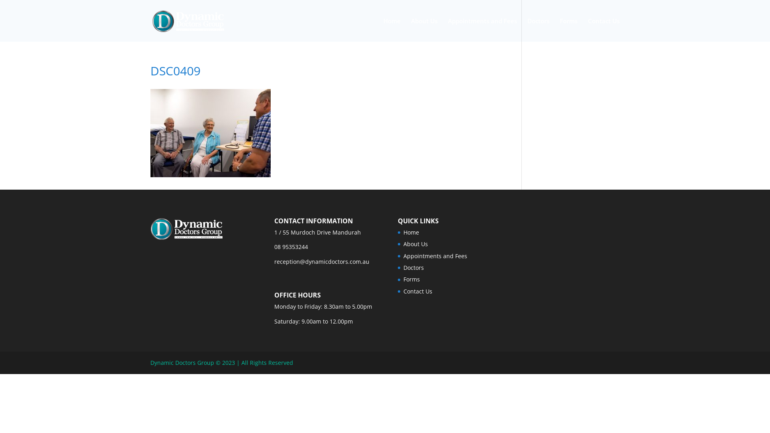  Describe the element at coordinates (482, 29) in the screenshot. I see `'Appointments and Fees'` at that location.